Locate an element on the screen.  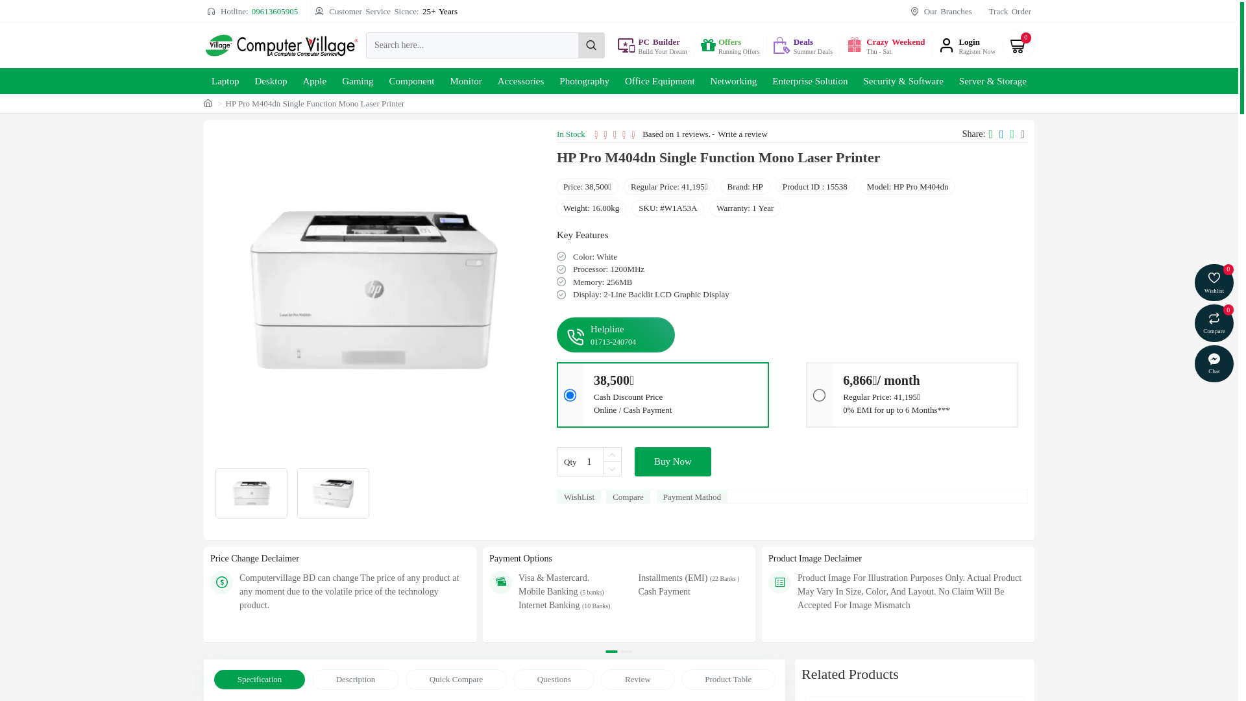
'Customer Service Sicnce: 25+ Years' is located at coordinates (385, 11).